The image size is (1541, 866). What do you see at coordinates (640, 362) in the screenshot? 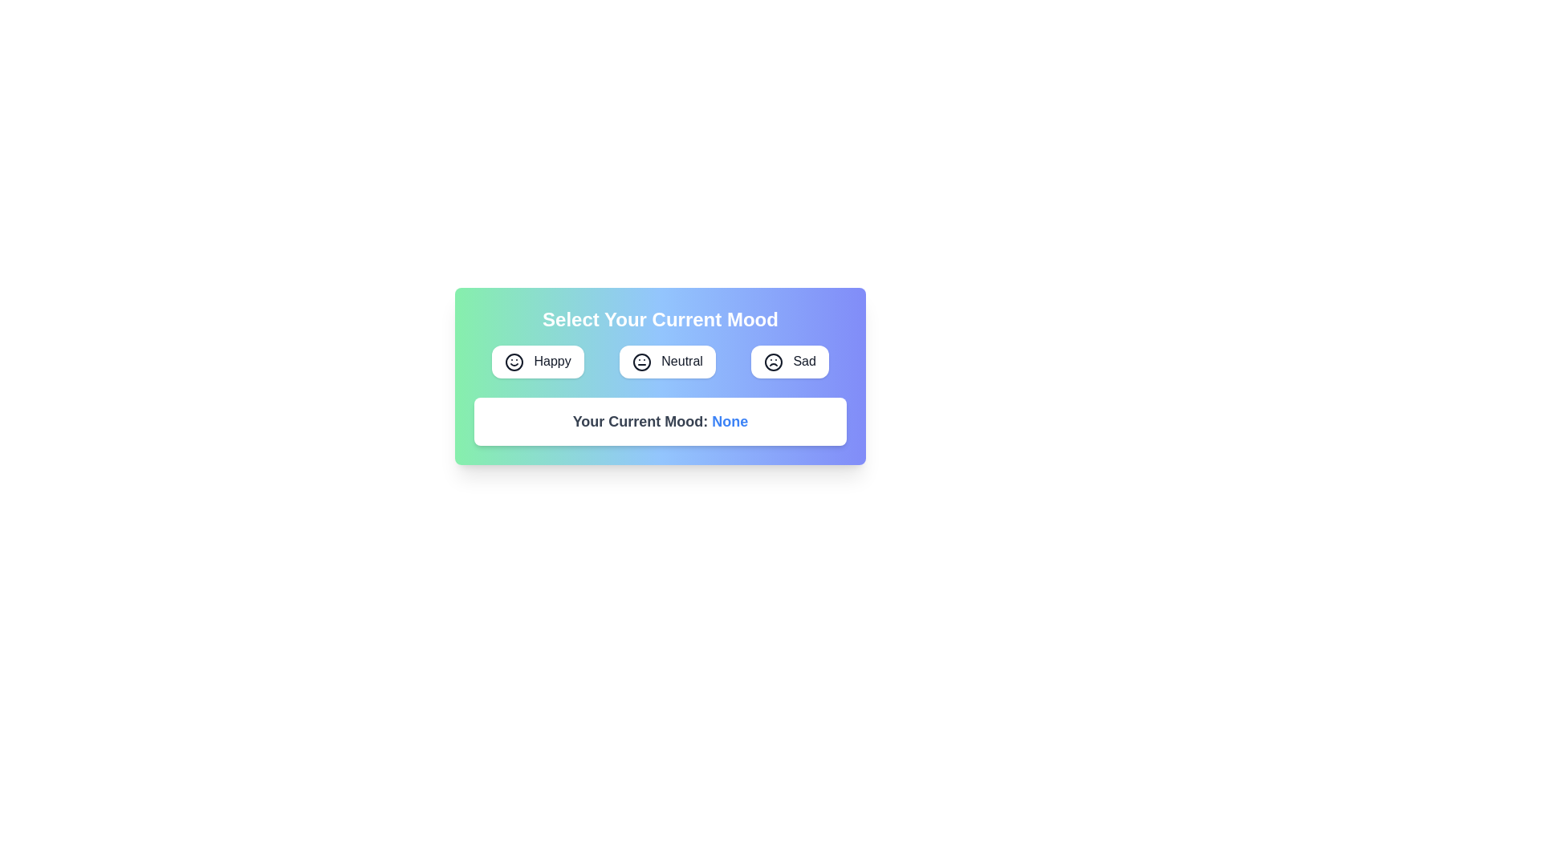
I see `the neutral expression icon within the 'Neutral' button by` at bounding box center [640, 362].